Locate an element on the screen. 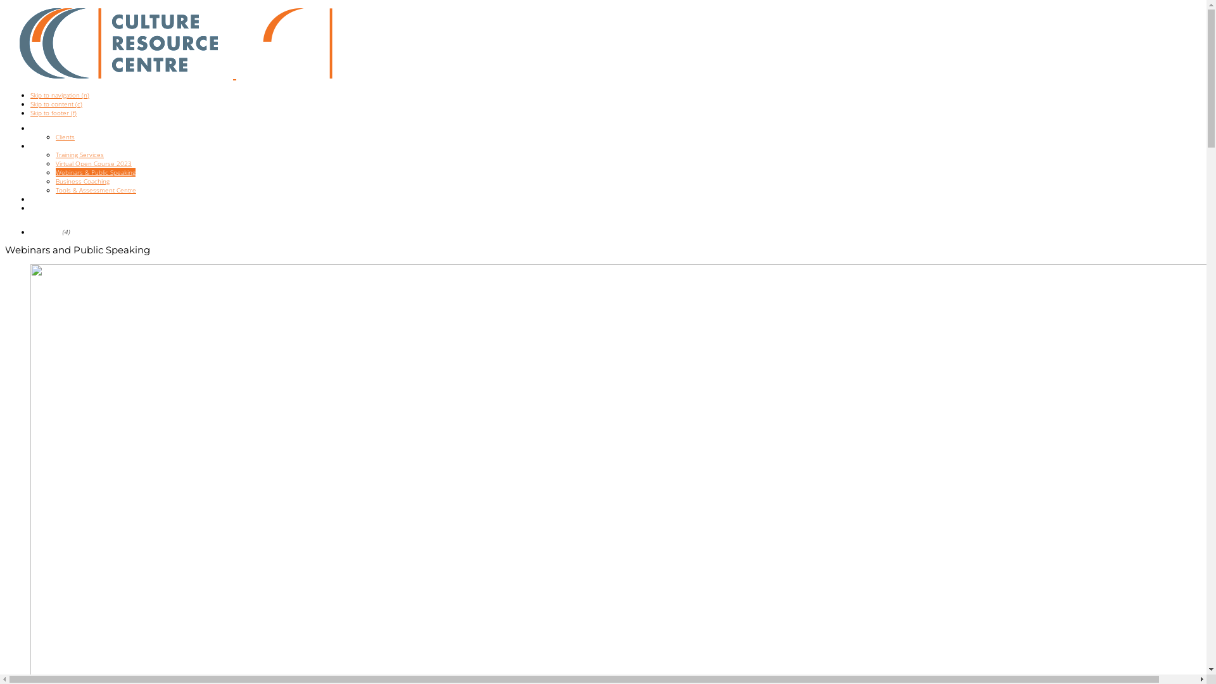 This screenshot has width=1216, height=684. 'Skip to navigation (n)' is located at coordinates (59, 94).